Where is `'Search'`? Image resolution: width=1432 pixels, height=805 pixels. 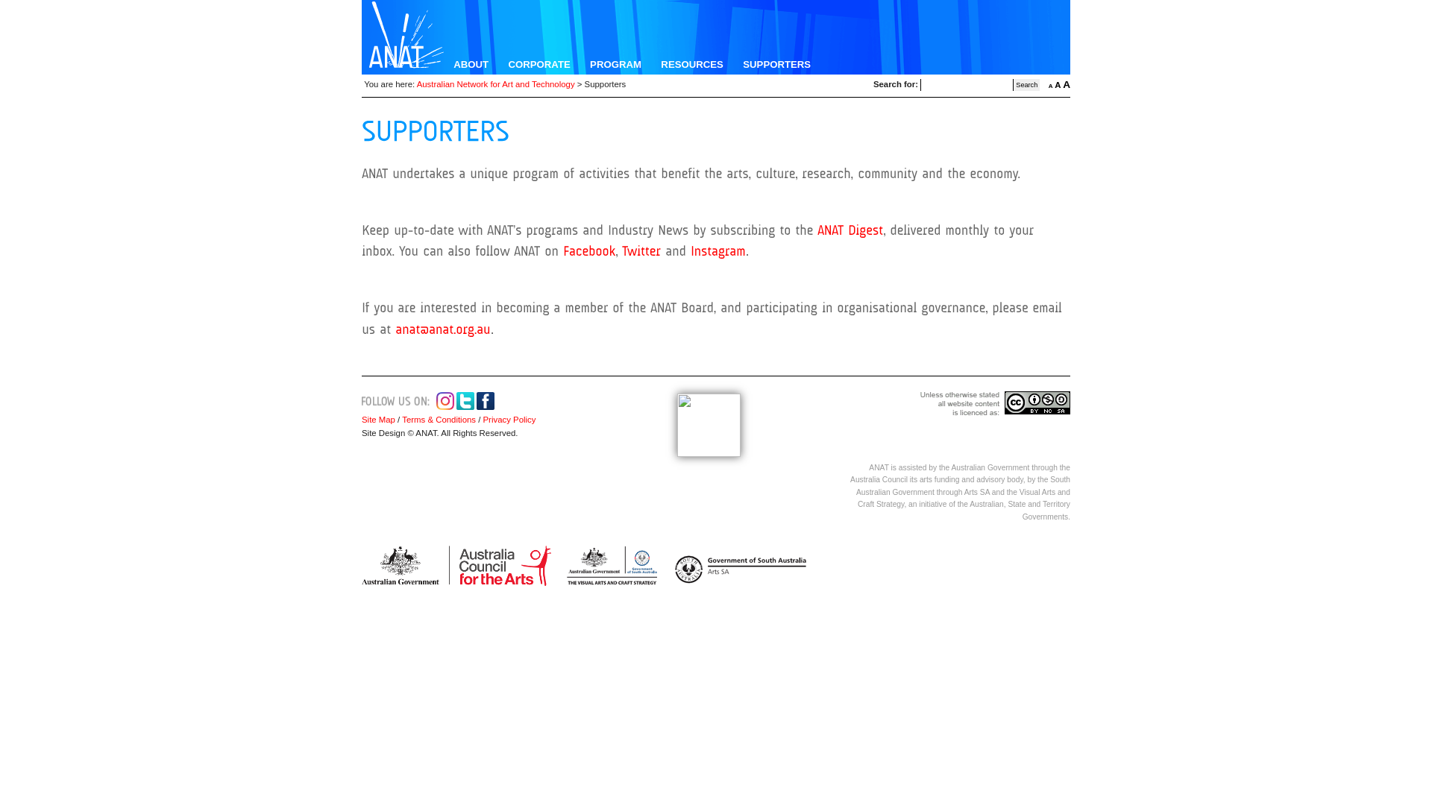 'Search' is located at coordinates (1013, 85).